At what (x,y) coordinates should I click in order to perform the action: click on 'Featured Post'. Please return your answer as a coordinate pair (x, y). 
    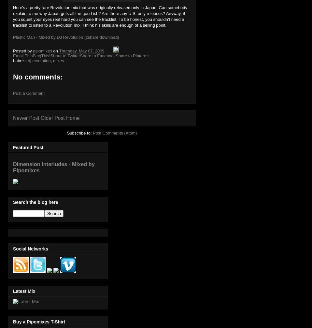
    Looking at the image, I should click on (13, 148).